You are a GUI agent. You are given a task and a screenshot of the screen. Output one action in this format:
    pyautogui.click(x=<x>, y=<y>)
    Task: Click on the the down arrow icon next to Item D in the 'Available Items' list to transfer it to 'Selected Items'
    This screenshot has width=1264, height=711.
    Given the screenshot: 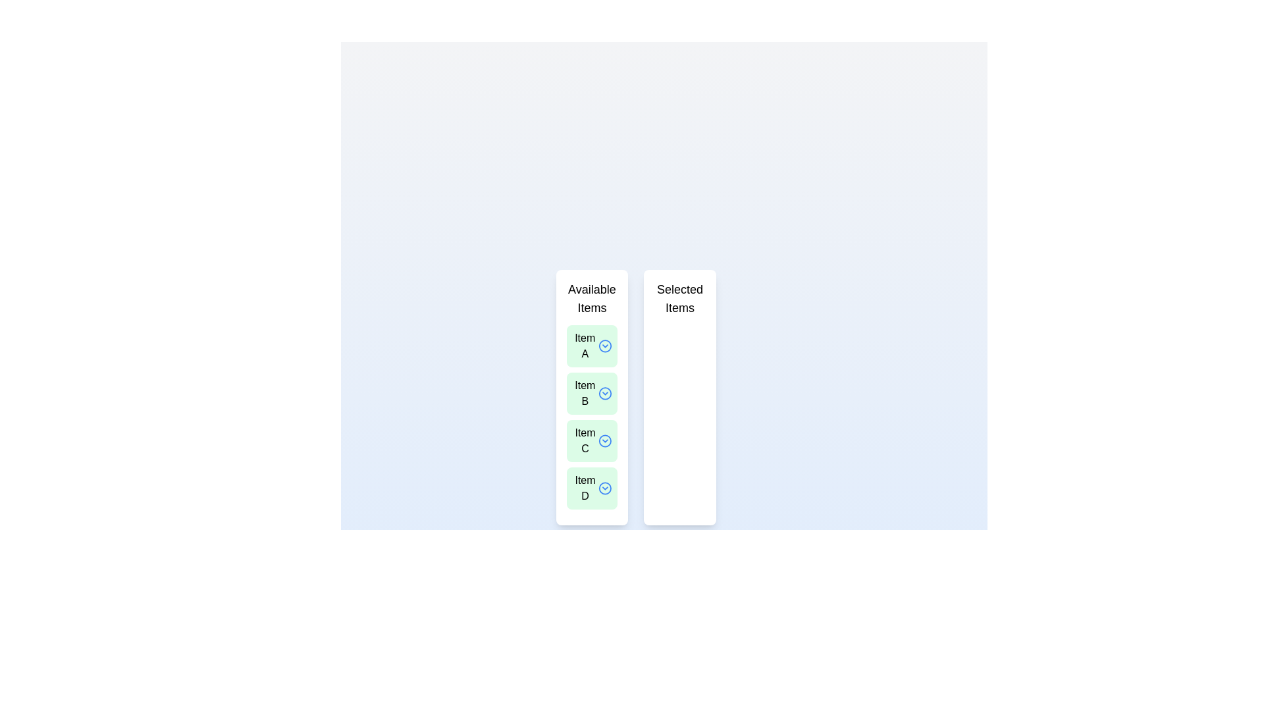 What is the action you would take?
    pyautogui.click(x=604, y=488)
    